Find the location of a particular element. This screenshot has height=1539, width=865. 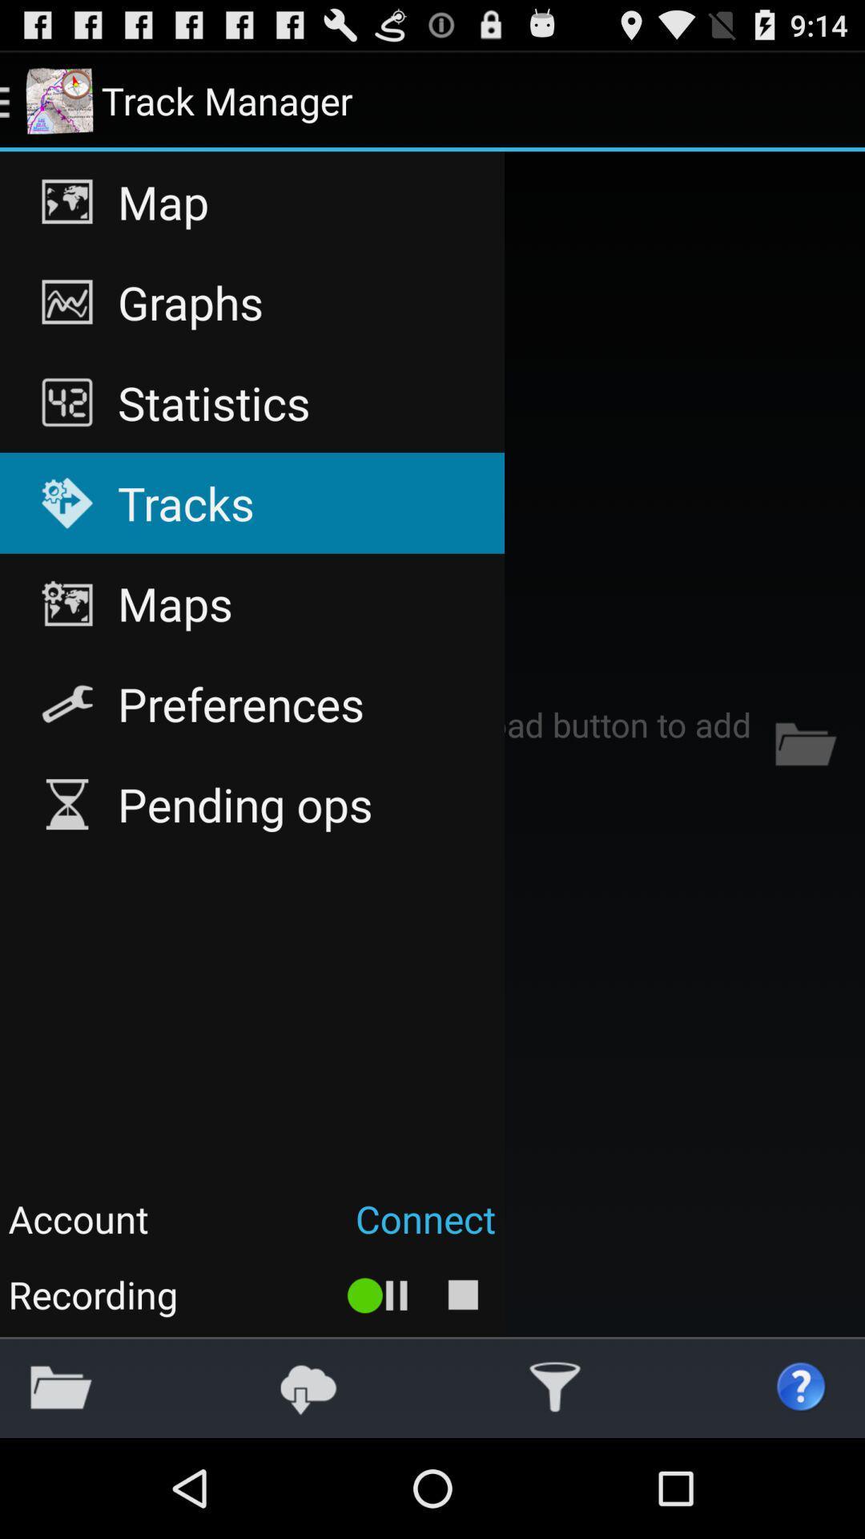

item above the statistics app is located at coordinates (252, 302).